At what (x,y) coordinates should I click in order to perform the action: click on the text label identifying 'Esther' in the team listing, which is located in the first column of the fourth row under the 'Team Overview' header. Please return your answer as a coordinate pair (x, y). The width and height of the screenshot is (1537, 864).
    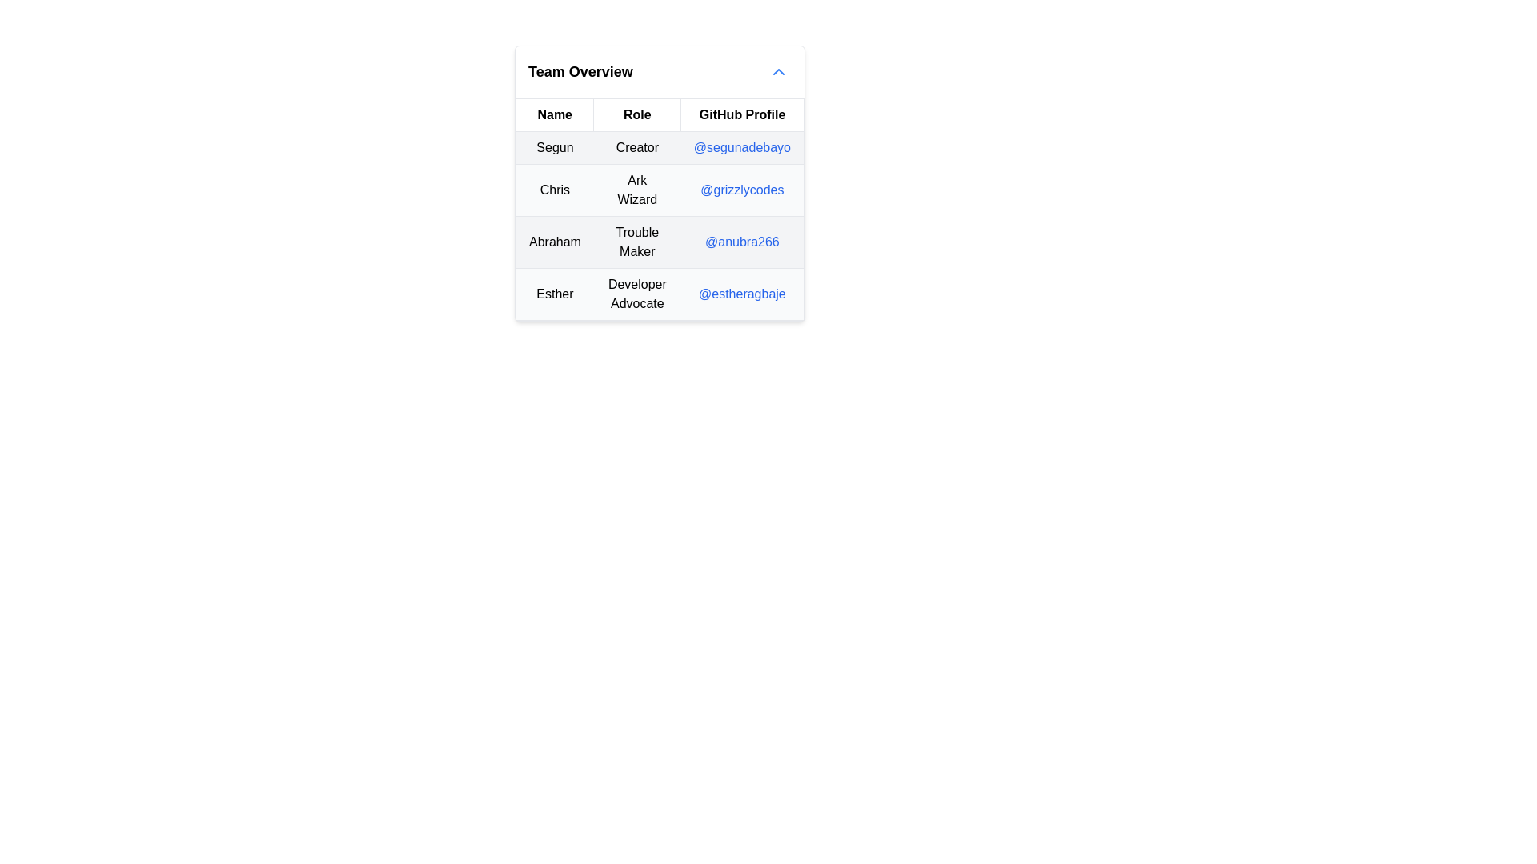
    Looking at the image, I should click on (555, 294).